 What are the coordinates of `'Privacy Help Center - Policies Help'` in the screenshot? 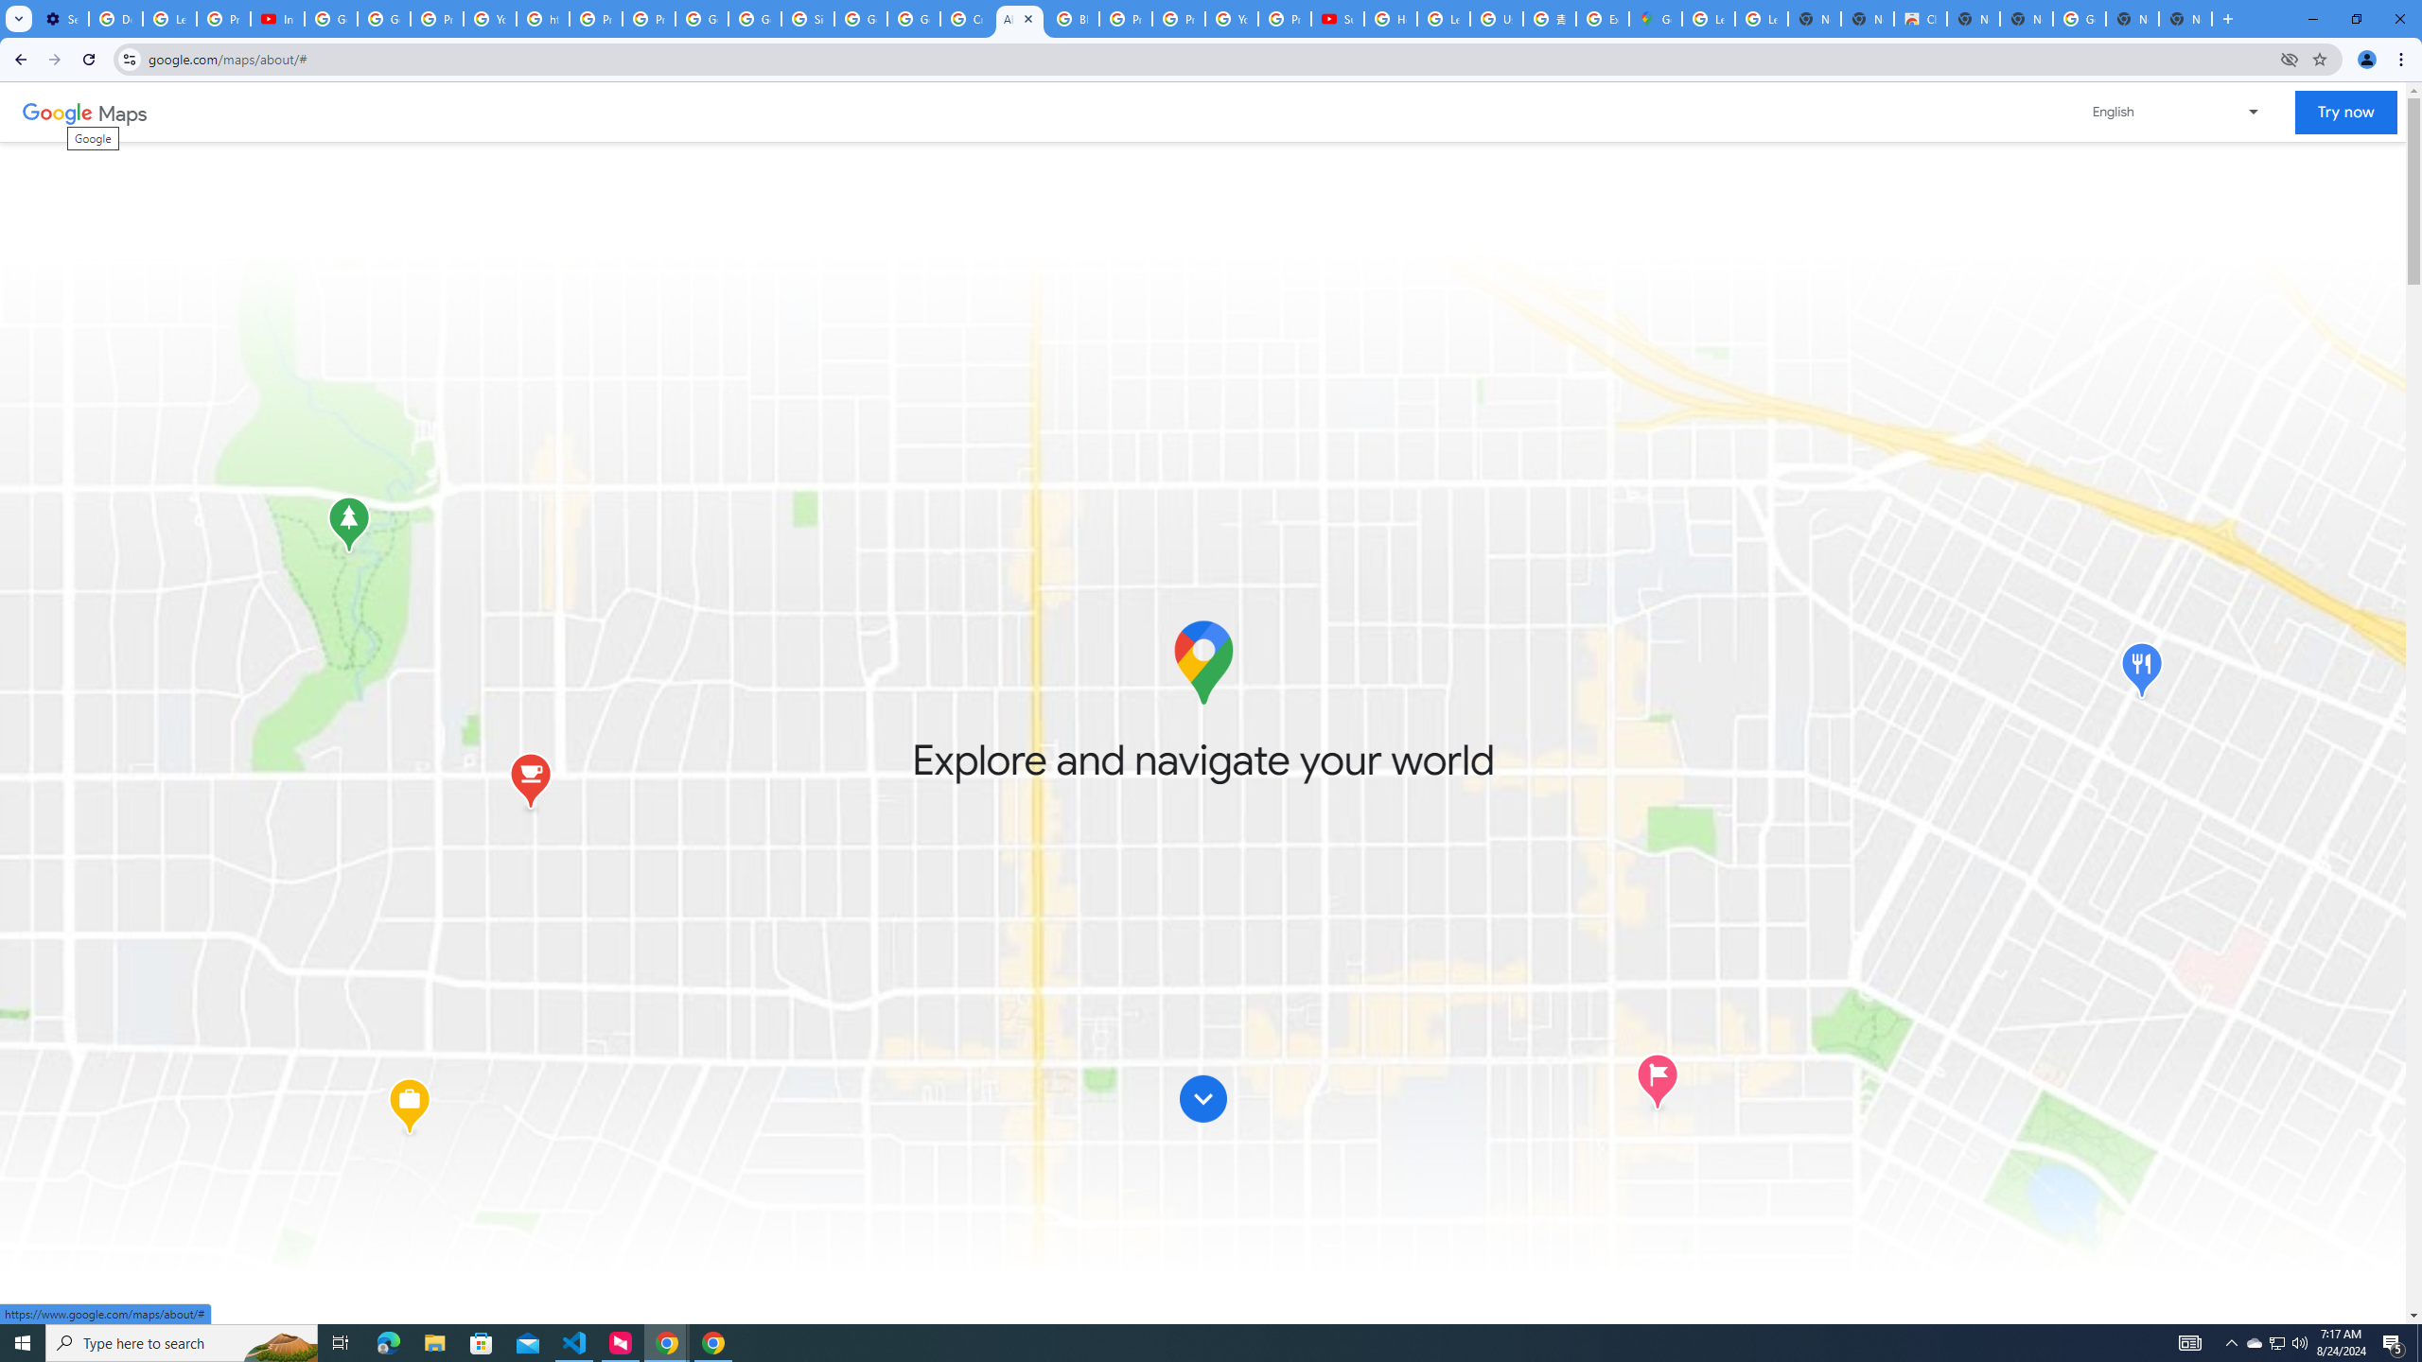 It's located at (1177, 18).